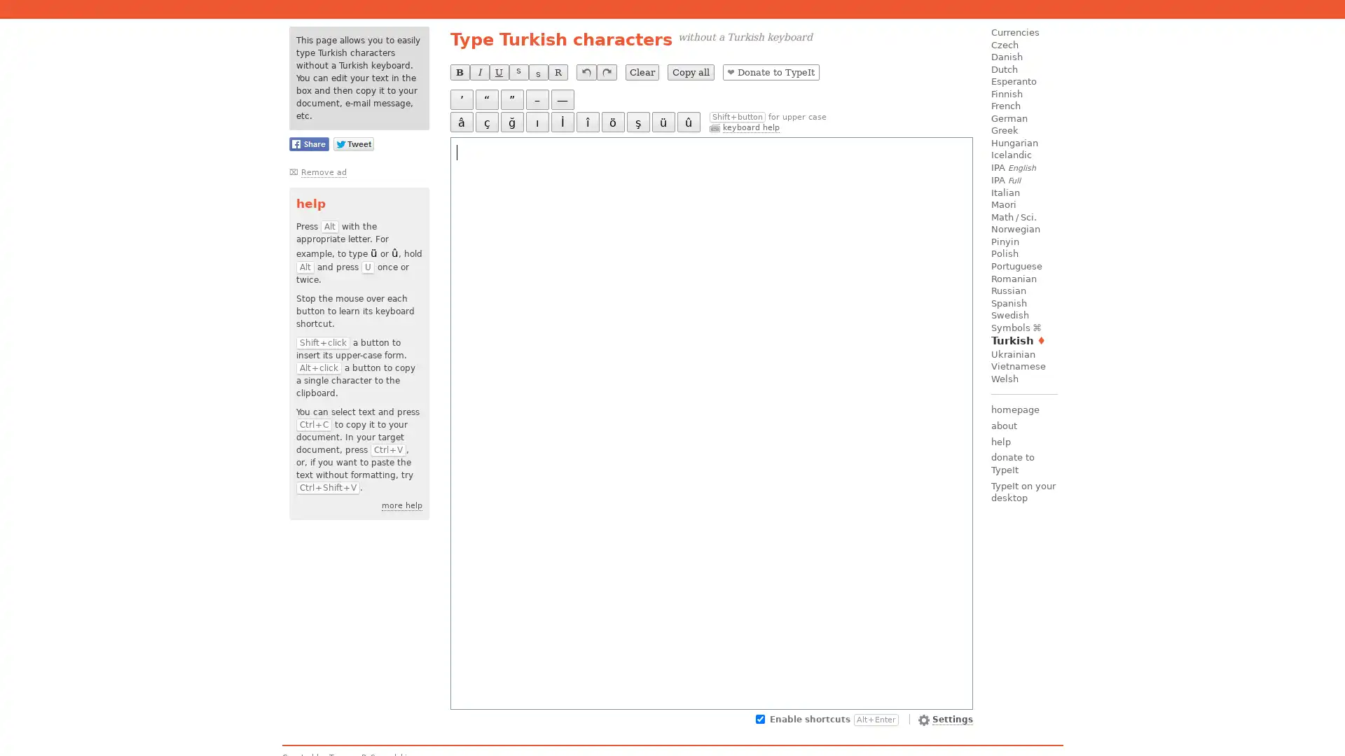 The height and width of the screenshot is (756, 1345). I want to click on Copy all, so click(690, 72).